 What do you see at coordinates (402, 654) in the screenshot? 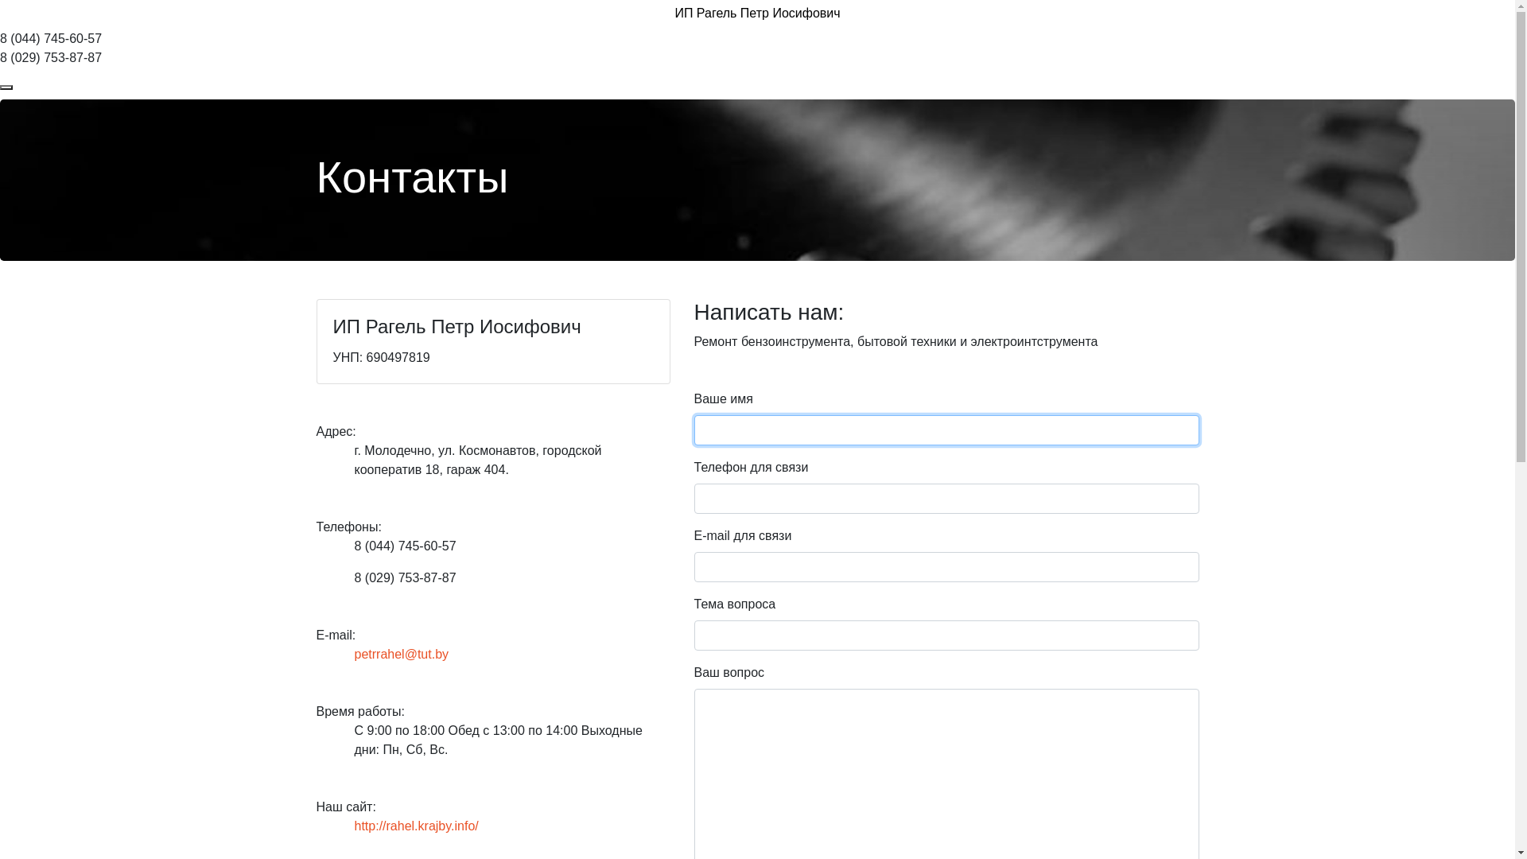
I see `'petrrahel@tut.by'` at bounding box center [402, 654].